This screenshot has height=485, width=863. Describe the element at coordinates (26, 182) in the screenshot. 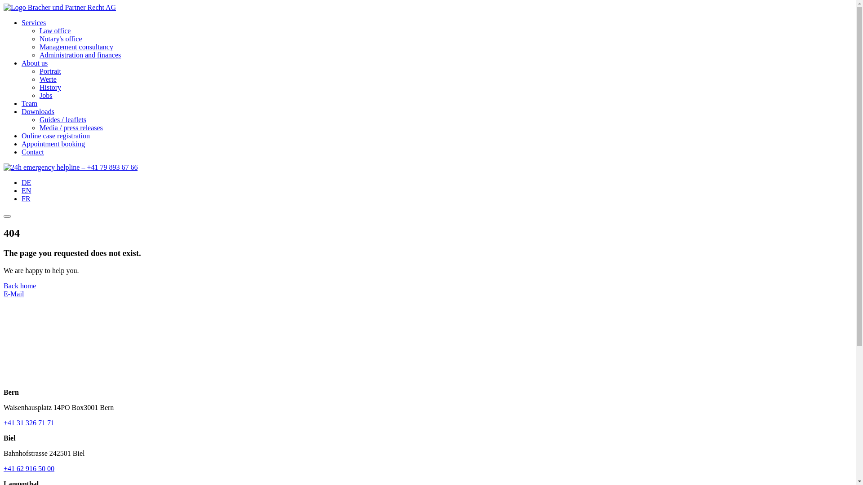

I see `'DE'` at that location.